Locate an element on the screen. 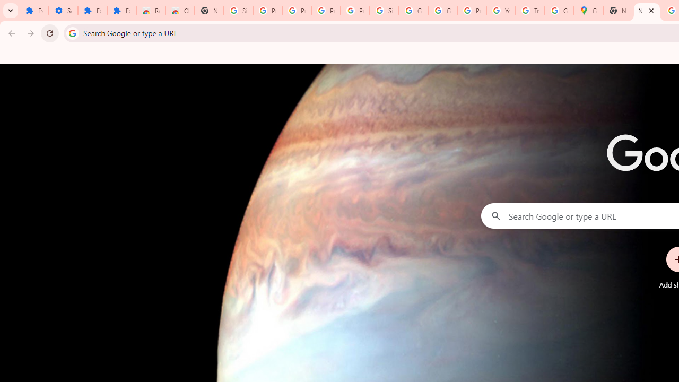 This screenshot has width=679, height=382. 'New Tab' is located at coordinates (646, 11).